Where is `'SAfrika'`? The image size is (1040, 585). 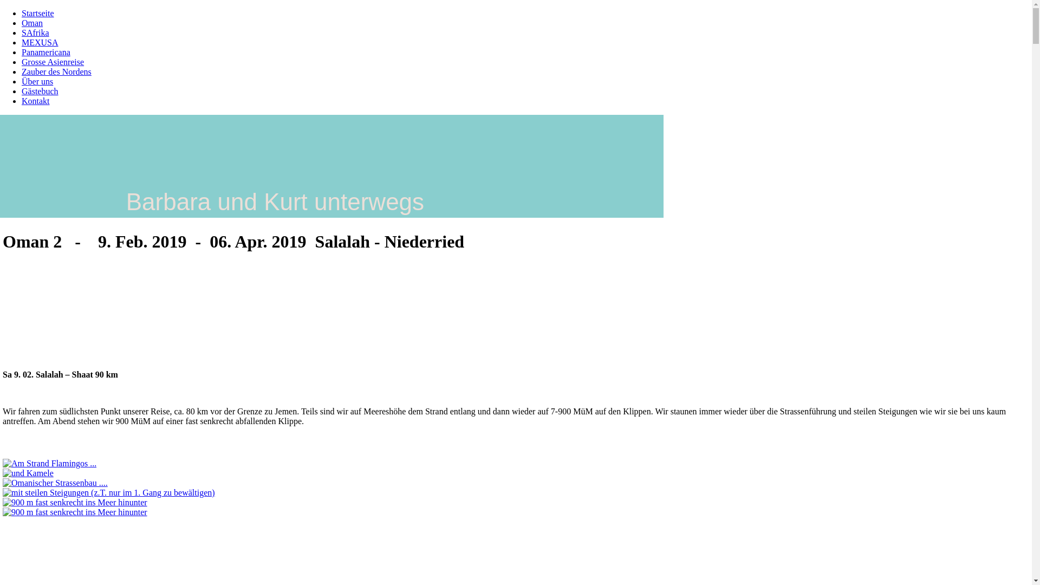 'SAfrika' is located at coordinates (35, 32).